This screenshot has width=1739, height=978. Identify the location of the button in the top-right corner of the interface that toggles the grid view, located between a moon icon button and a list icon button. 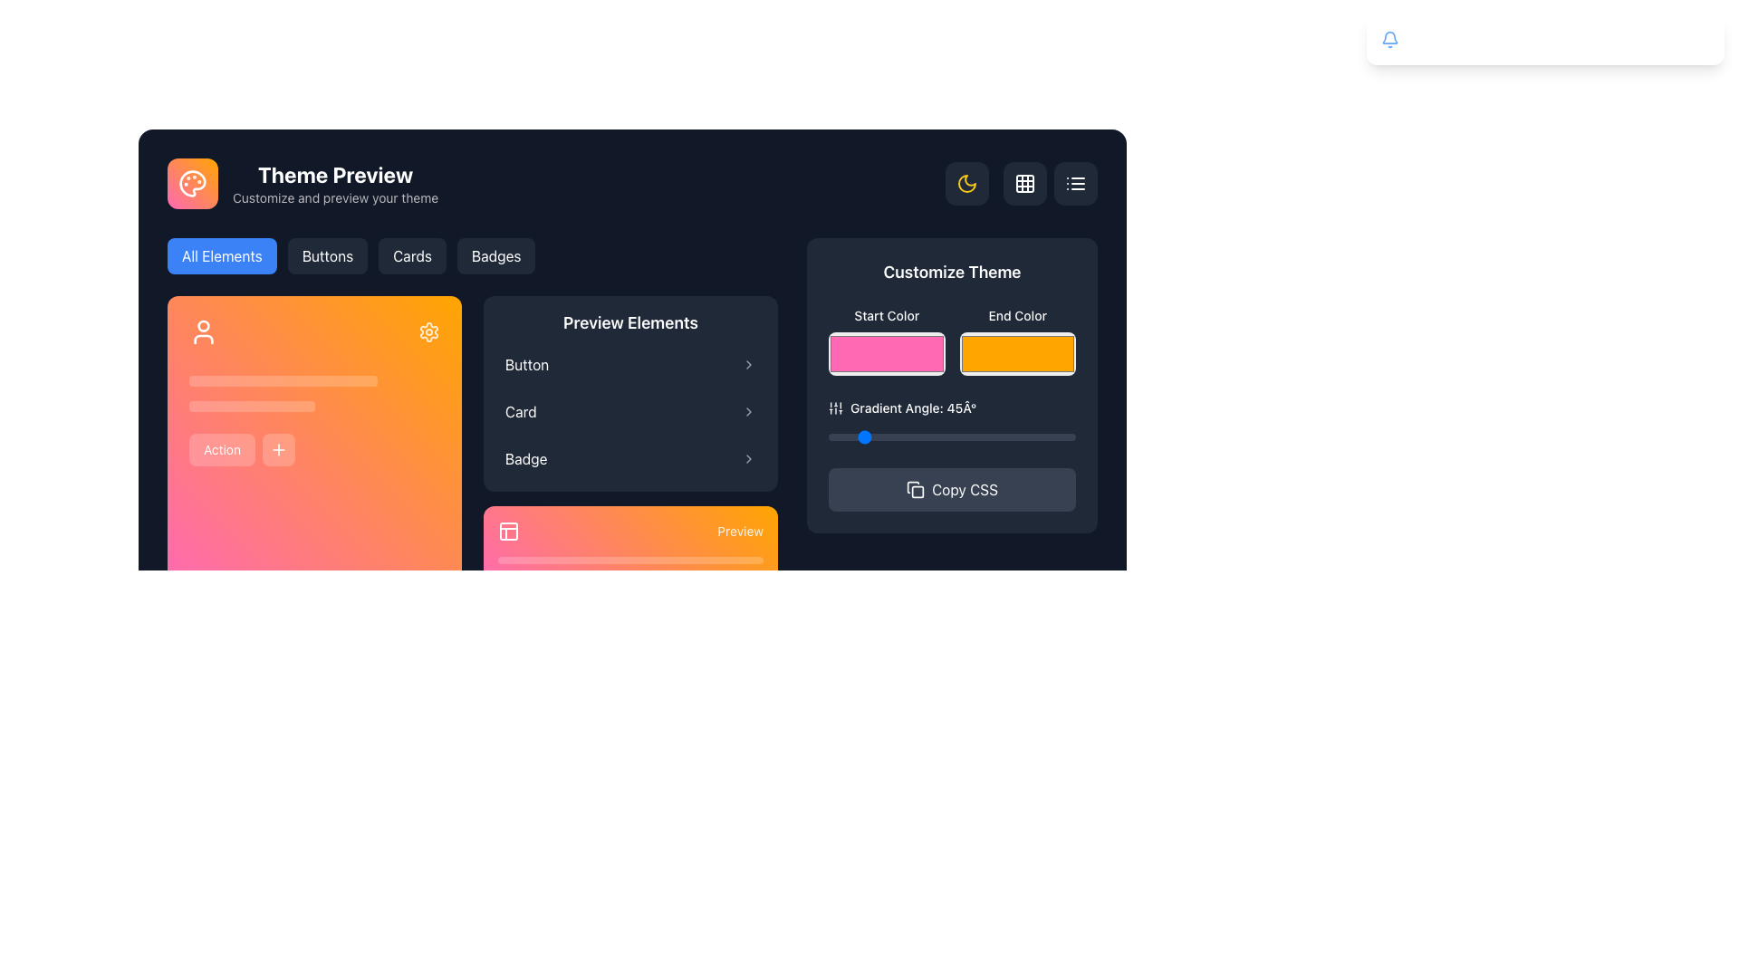
(1022, 184).